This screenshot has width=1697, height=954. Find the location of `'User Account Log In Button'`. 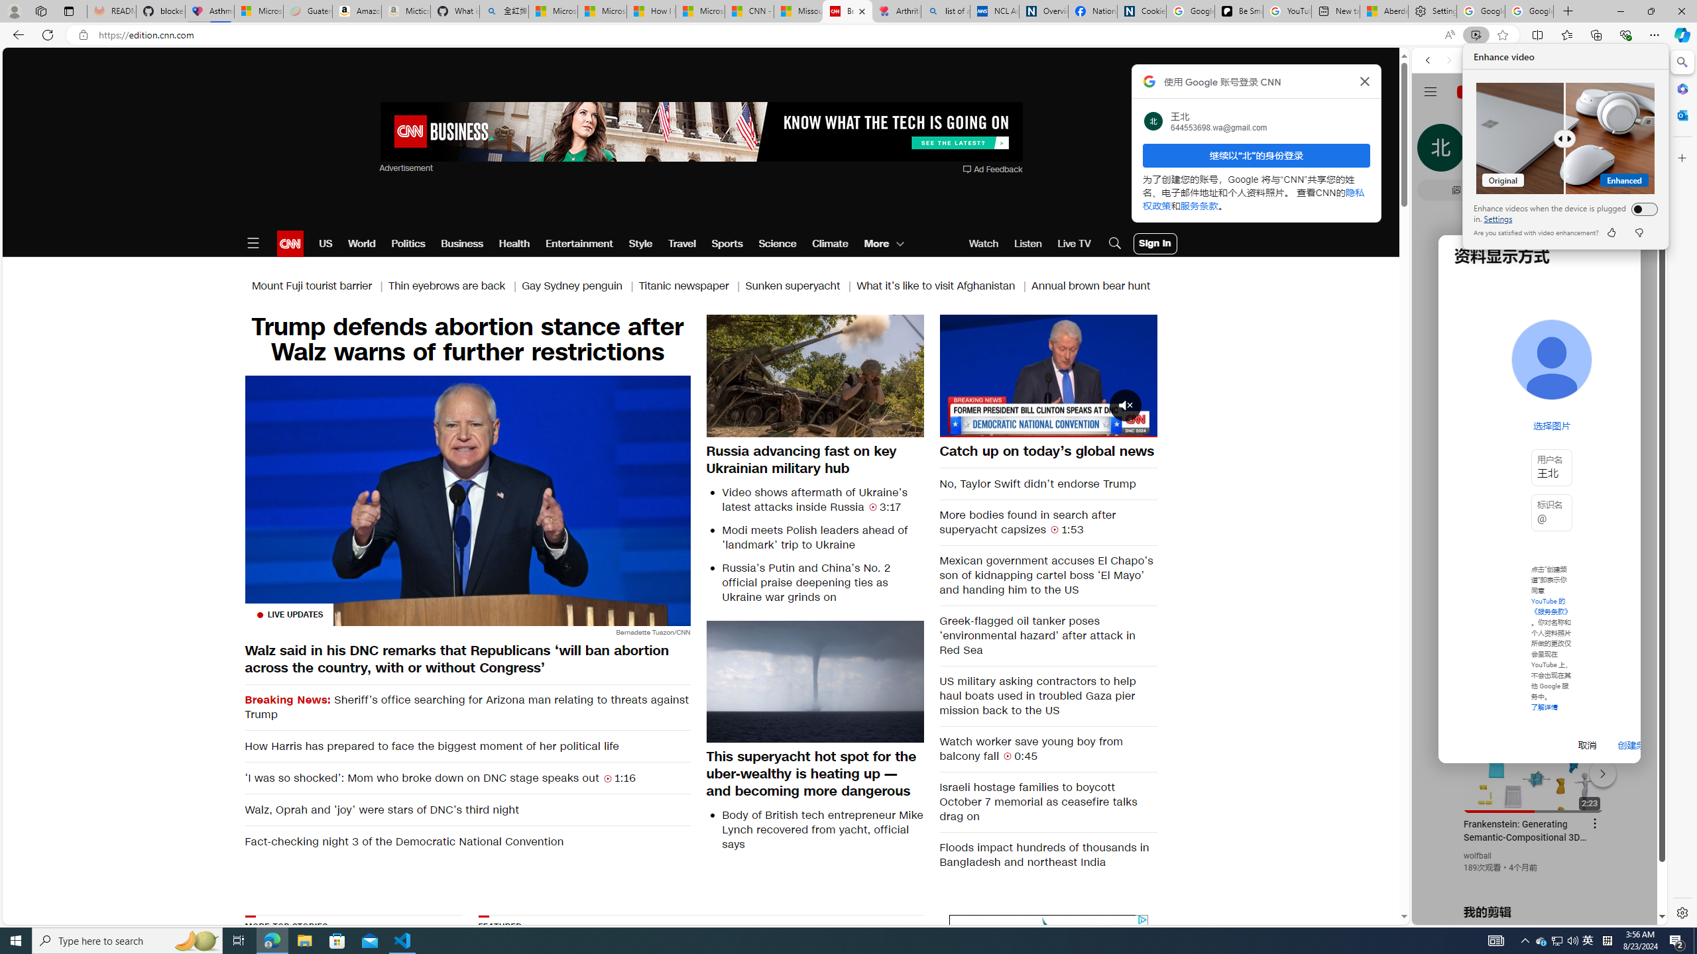

'User Account Log In Button' is located at coordinates (1155, 243).